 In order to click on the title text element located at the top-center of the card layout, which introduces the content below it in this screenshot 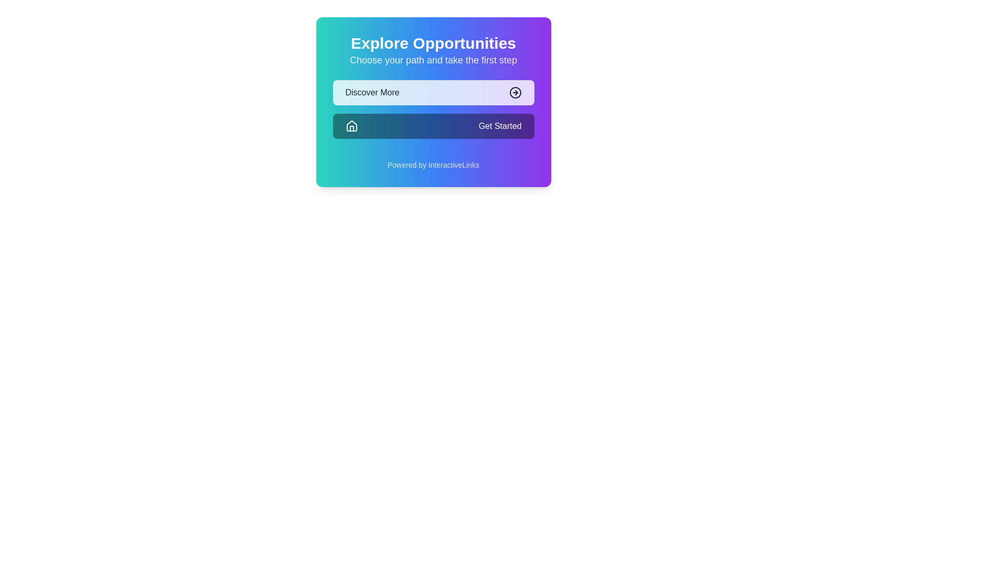, I will do `click(433, 43)`.